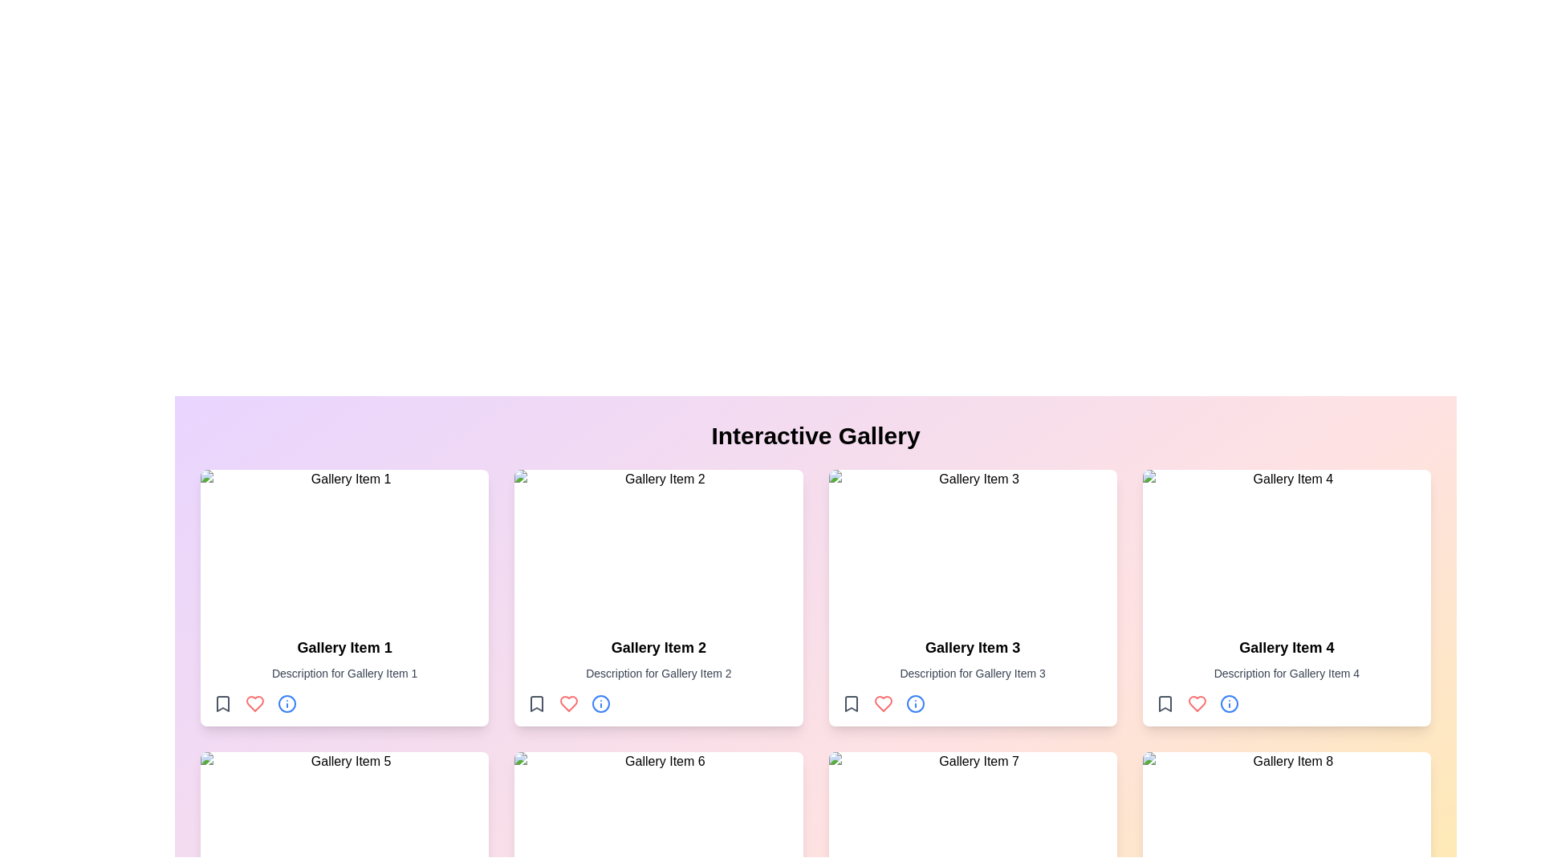 This screenshot has width=1541, height=866. What do you see at coordinates (915, 703) in the screenshot?
I see `the icon located in the bottom-right corner of the card labeled 'Gallery Item 3'` at bounding box center [915, 703].